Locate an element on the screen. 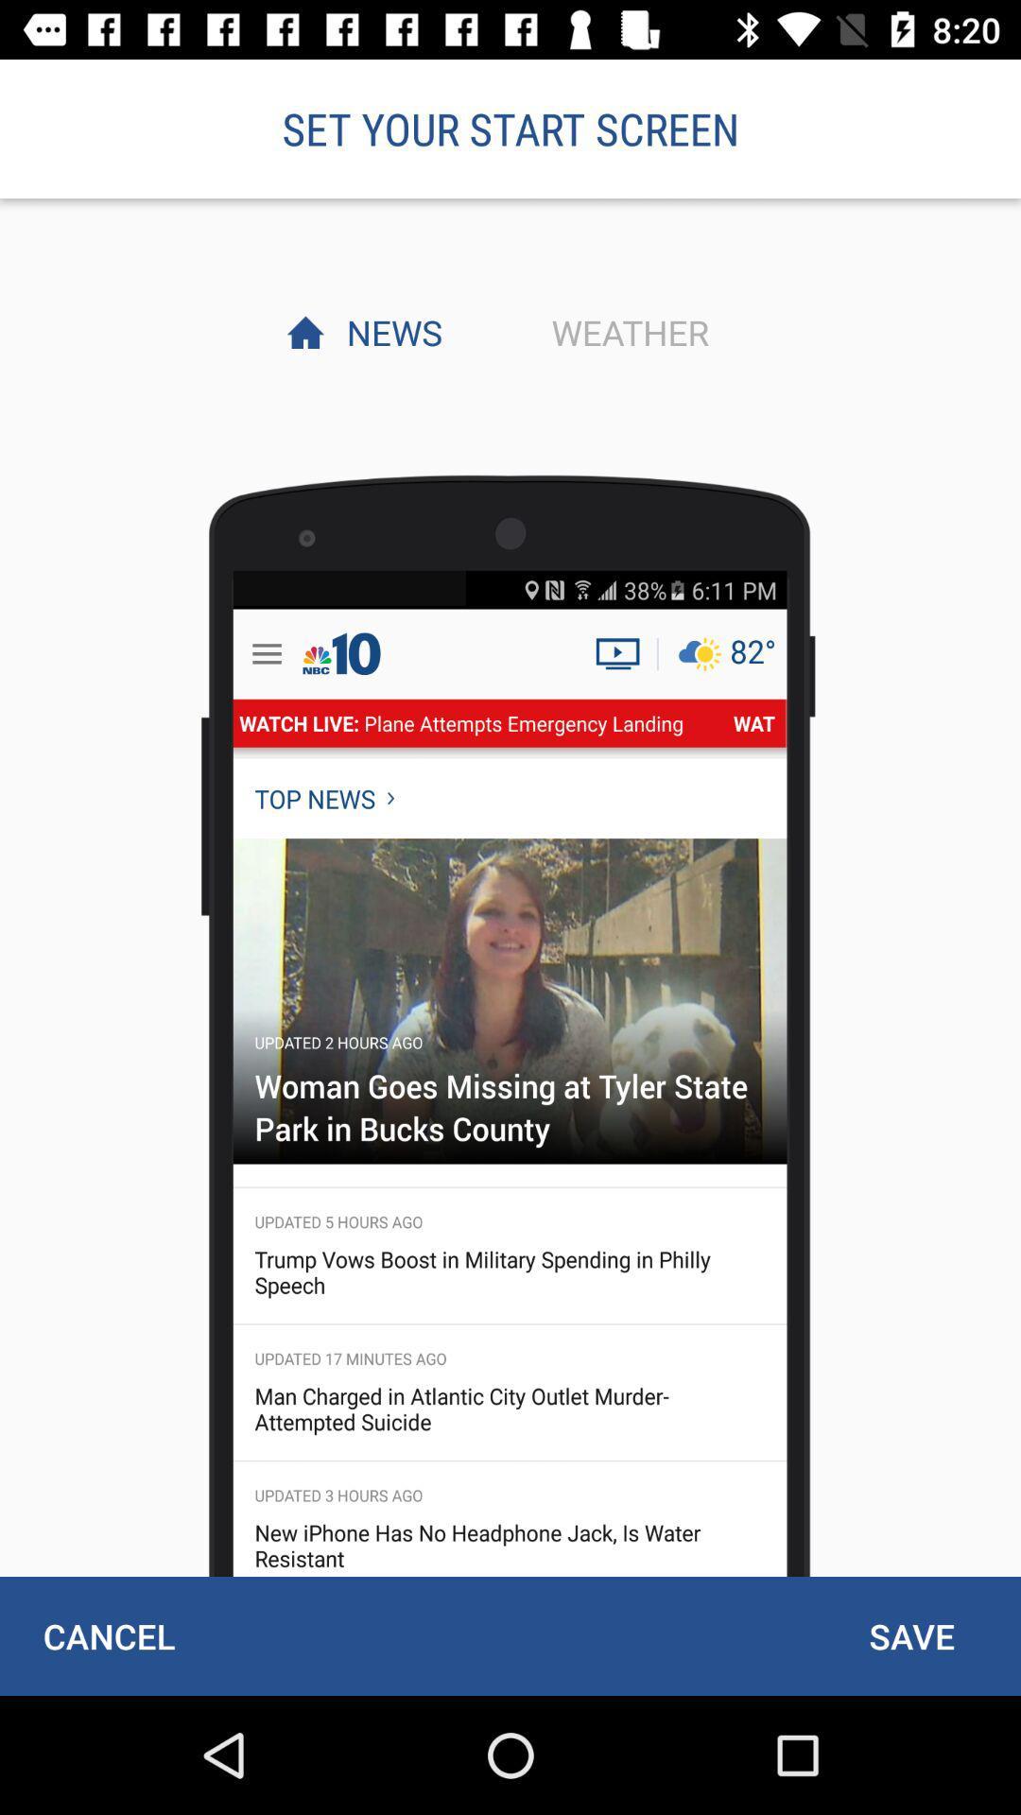 This screenshot has height=1815, width=1021. the set your start item is located at coordinates (510, 128).